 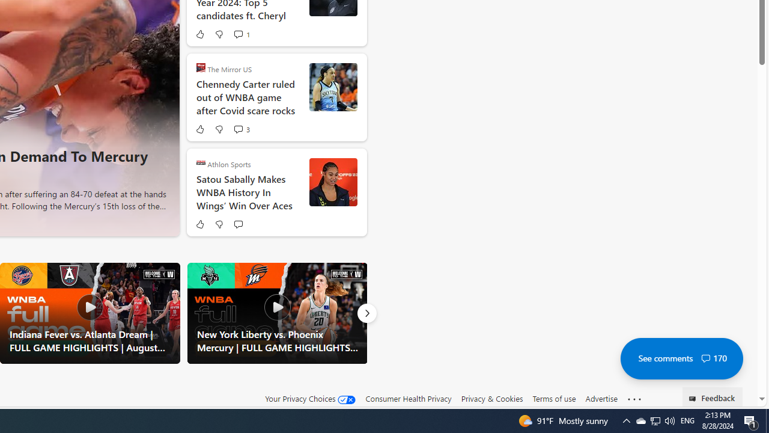 I want to click on 'Class: feedback_link_icon-DS-EntryPoint1-1', so click(x=695, y=399).